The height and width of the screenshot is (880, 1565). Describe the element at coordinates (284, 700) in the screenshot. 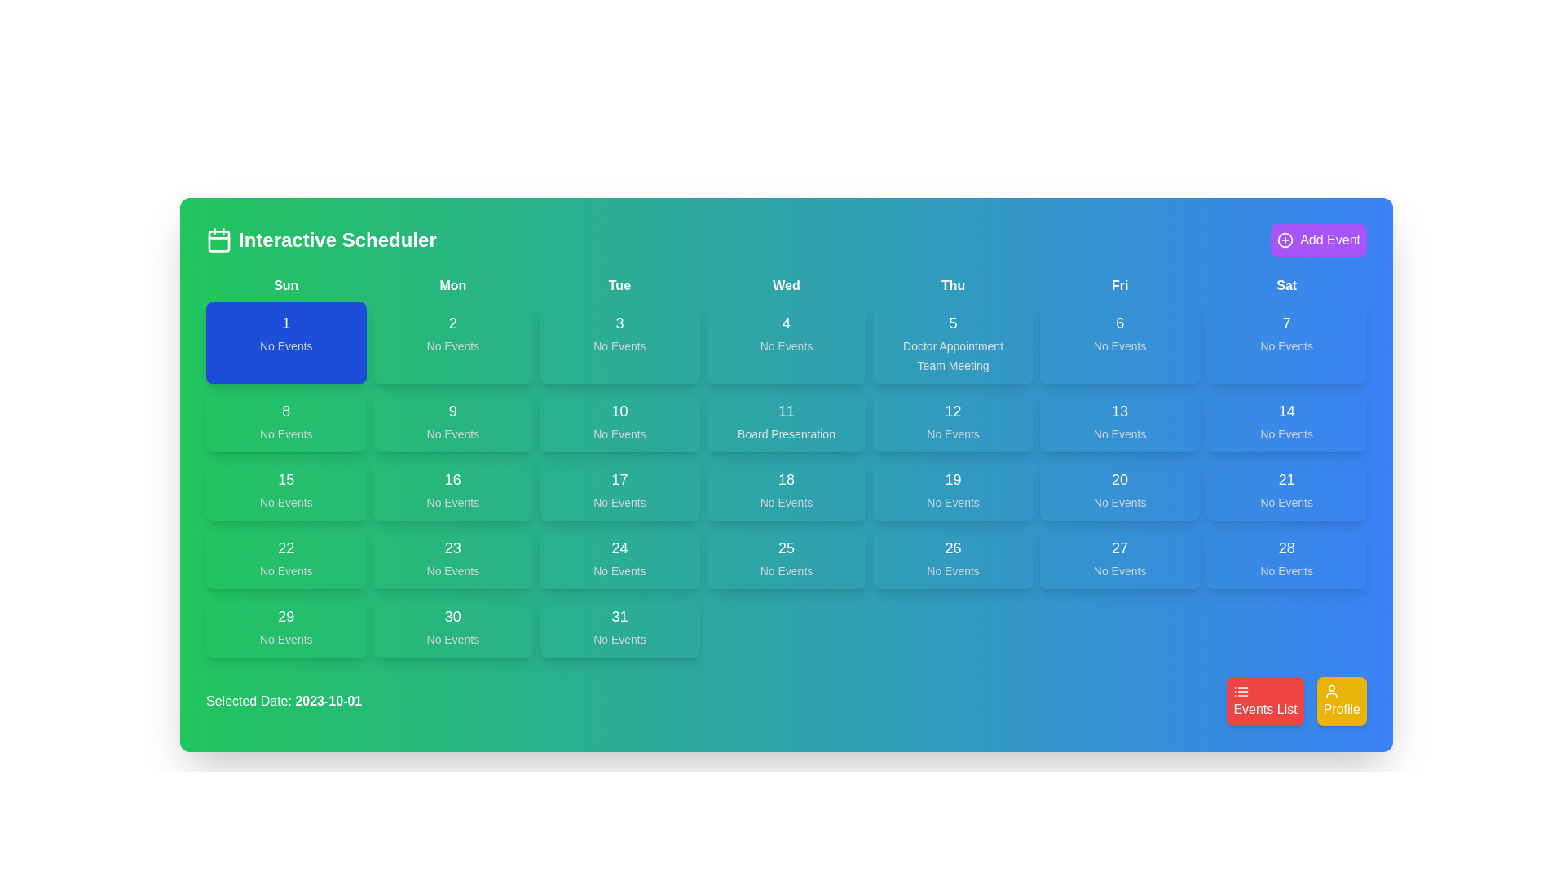

I see `the Text Label displaying the currently selected date in the calendar interface, located at the bottom-left corner of the interface` at that location.